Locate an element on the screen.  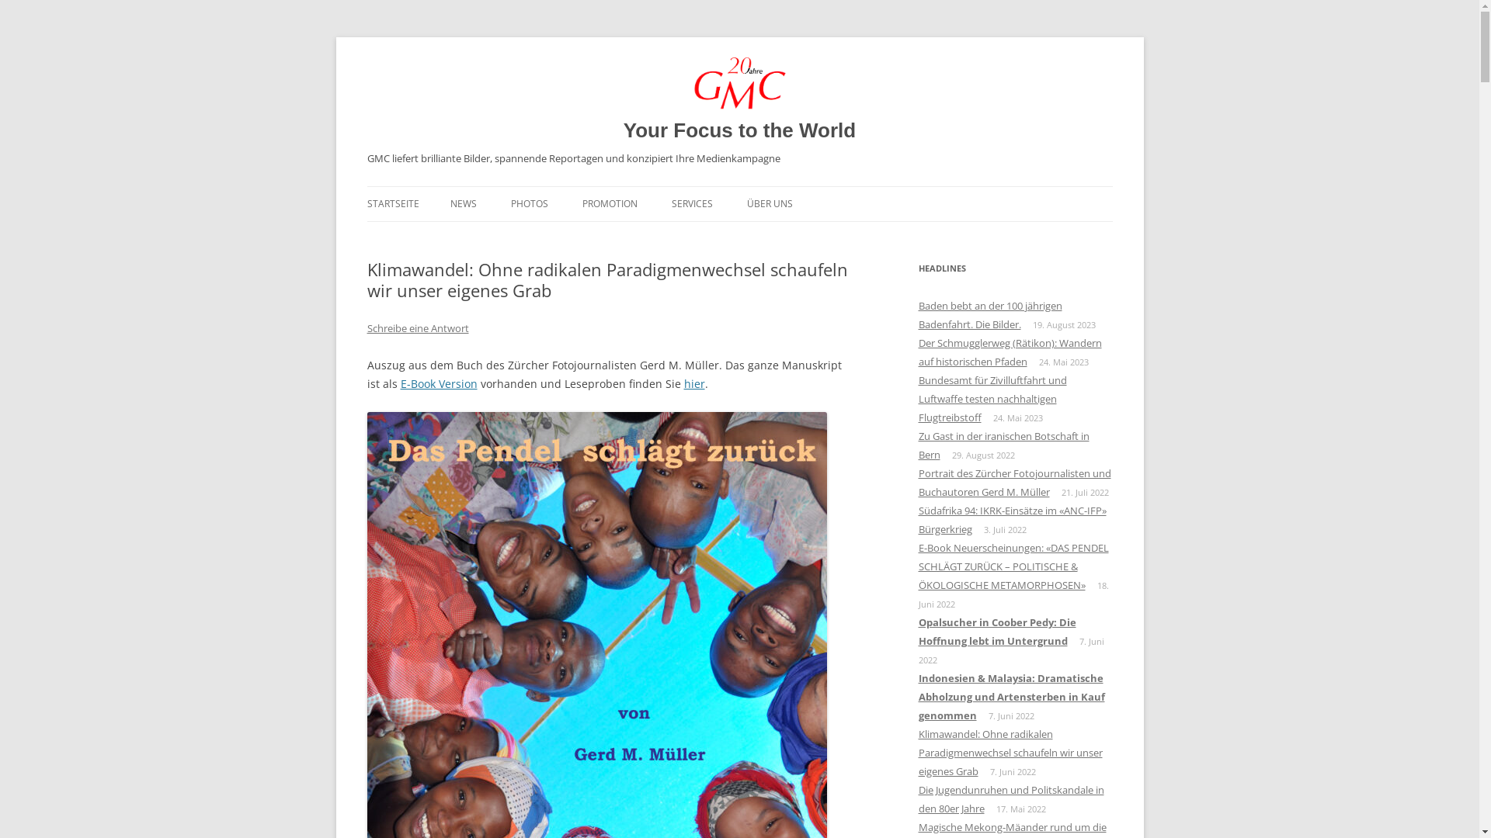
'Die Jugendunruhen und Politskandale in den 80er Jahre' is located at coordinates (1010, 798).